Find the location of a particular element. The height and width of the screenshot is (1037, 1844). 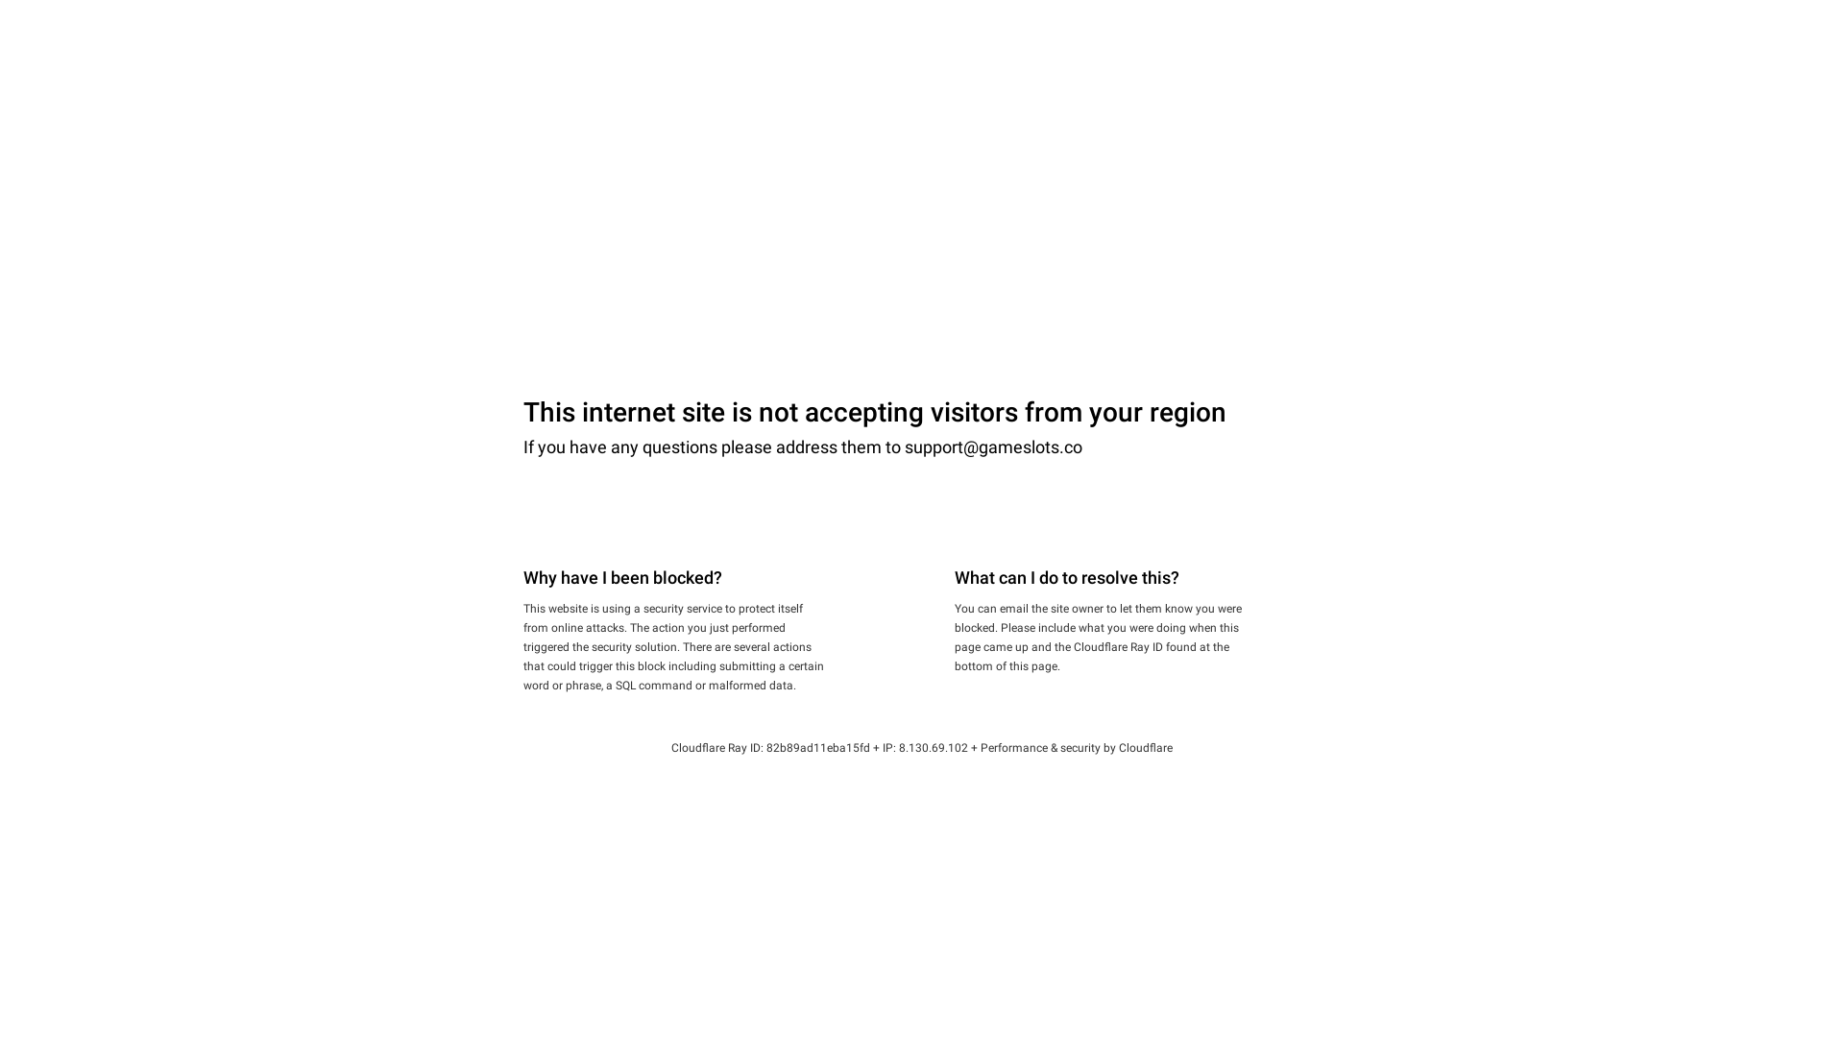

'Cloudflare' is located at coordinates (1146, 747).